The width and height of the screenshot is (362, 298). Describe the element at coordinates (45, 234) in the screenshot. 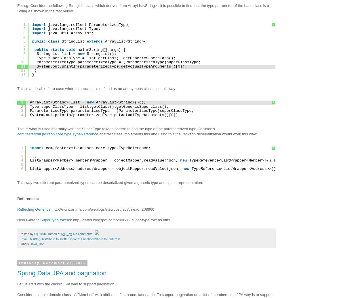

I see `'Biju Kunjummen'` at that location.